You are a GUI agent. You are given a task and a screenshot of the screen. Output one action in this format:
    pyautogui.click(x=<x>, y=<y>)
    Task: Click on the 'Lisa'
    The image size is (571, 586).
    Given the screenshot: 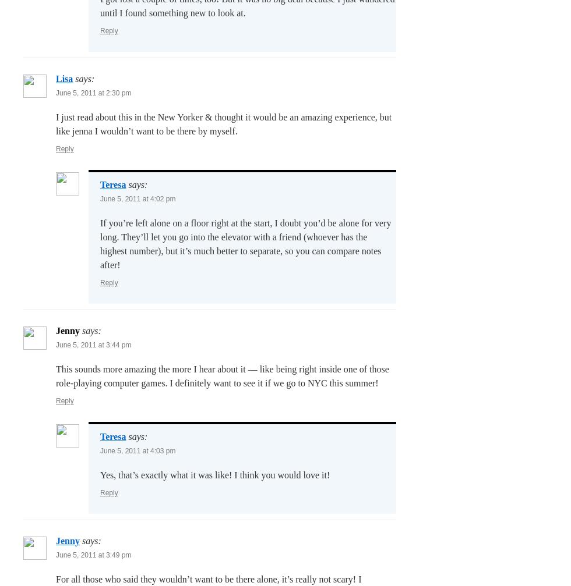 What is the action you would take?
    pyautogui.click(x=64, y=79)
    